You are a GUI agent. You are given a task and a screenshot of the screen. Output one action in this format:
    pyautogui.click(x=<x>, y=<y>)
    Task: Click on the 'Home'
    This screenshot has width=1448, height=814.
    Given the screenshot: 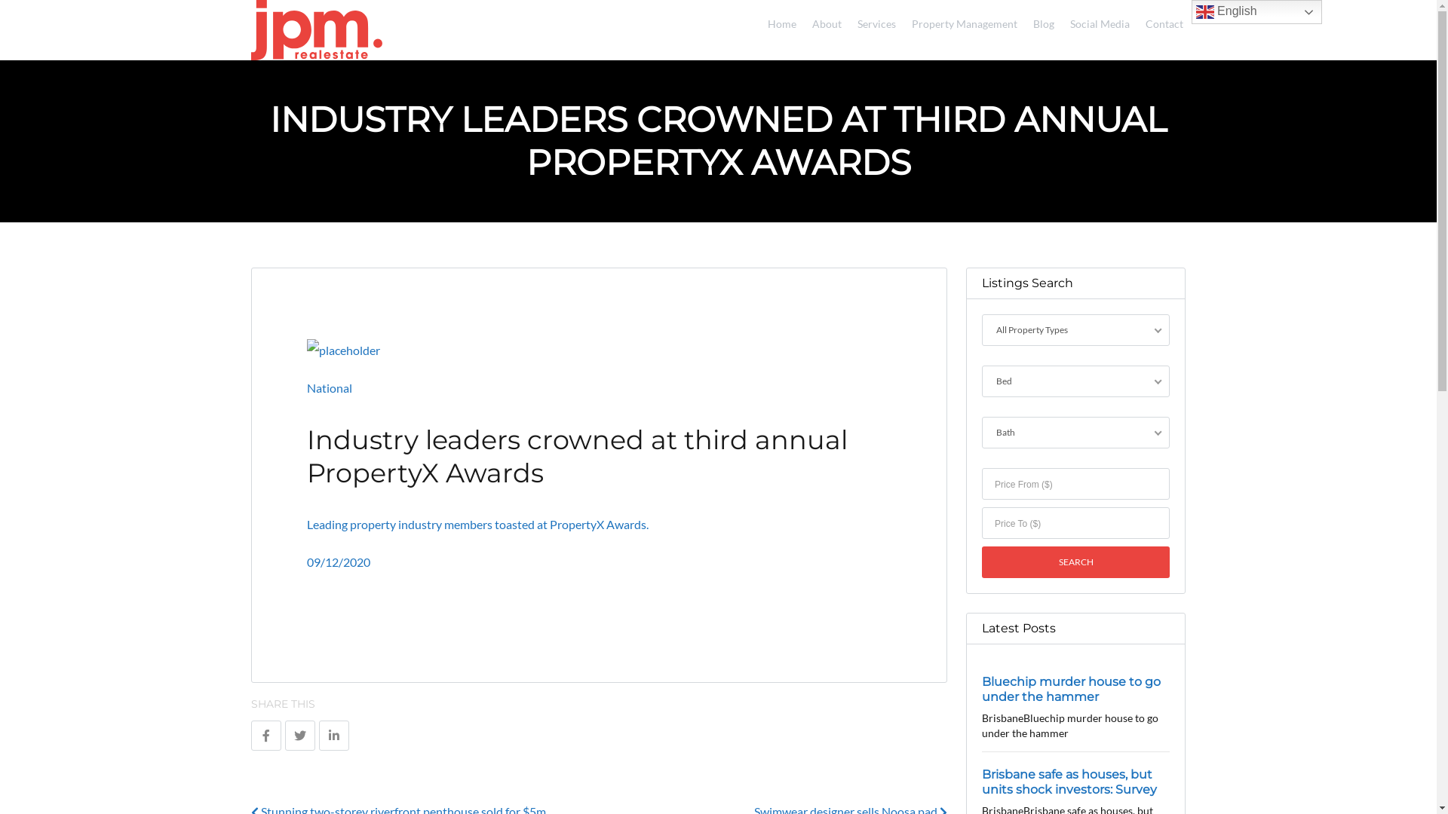 What is the action you would take?
    pyautogui.click(x=778, y=20)
    